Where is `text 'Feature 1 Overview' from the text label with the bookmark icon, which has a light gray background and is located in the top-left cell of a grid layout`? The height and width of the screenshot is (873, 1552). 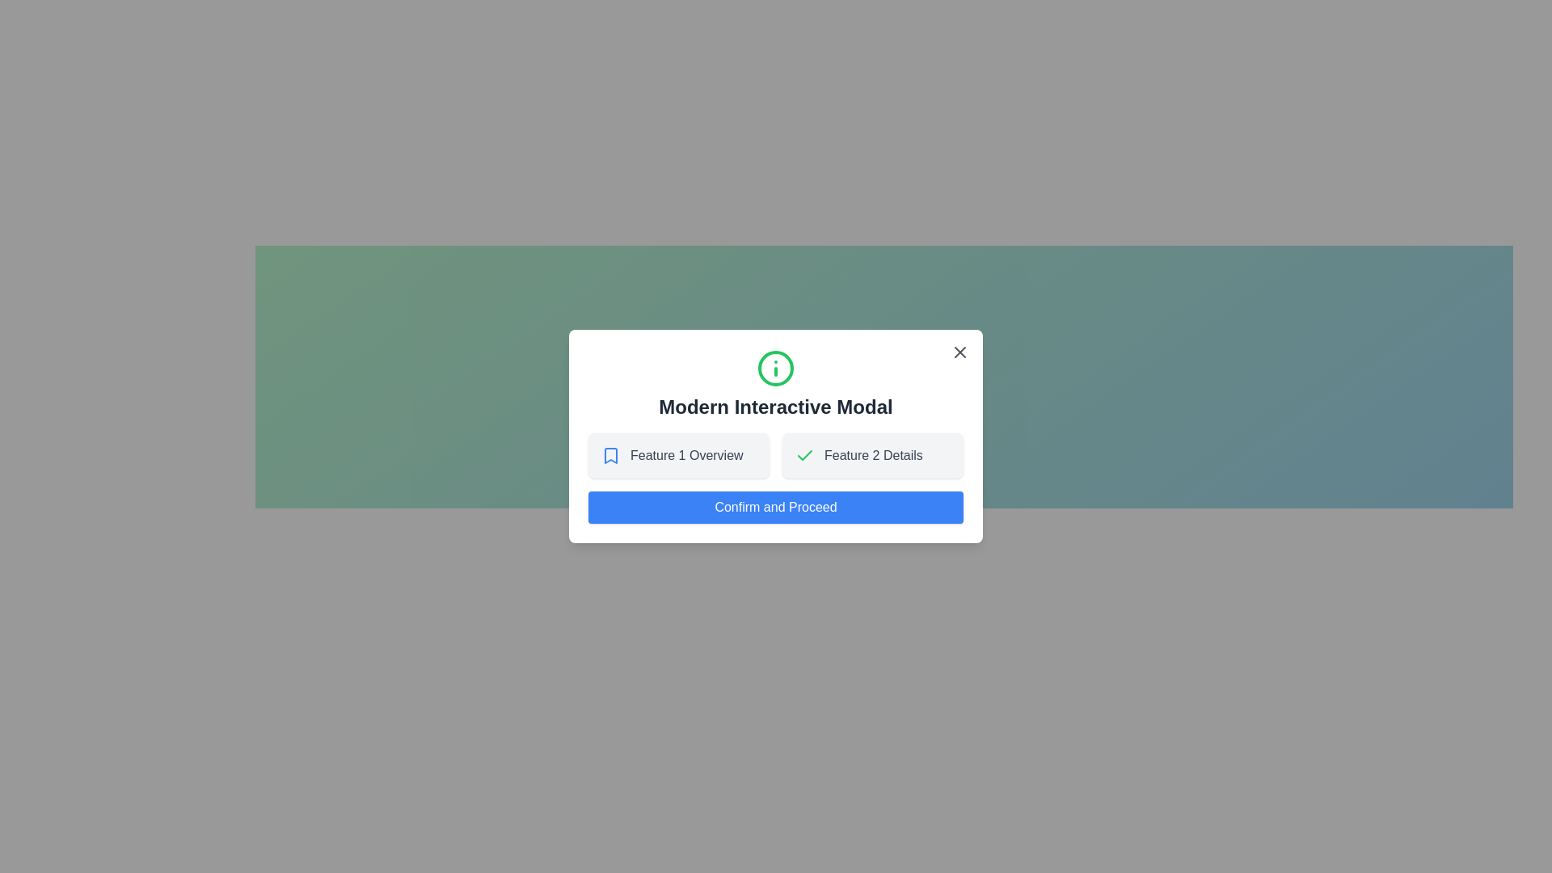 text 'Feature 1 Overview' from the text label with the bookmark icon, which has a light gray background and is located in the top-left cell of a grid layout is located at coordinates (679, 455).